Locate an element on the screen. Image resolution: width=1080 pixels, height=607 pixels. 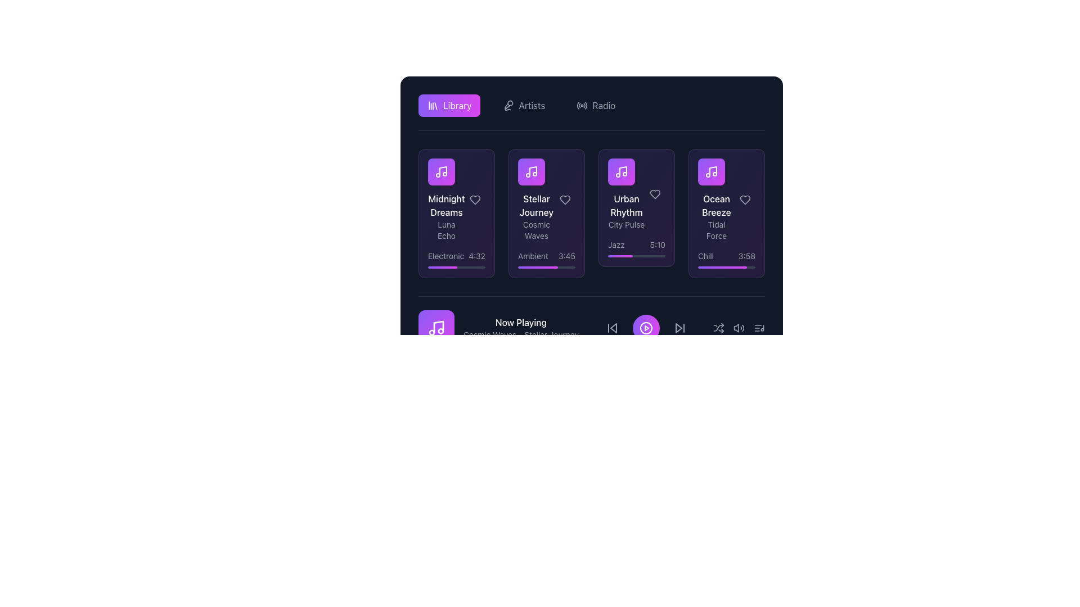
the heart button located at the top-right corner of the 'Ocean Breeze' music card is located at coordinates (745, 199).